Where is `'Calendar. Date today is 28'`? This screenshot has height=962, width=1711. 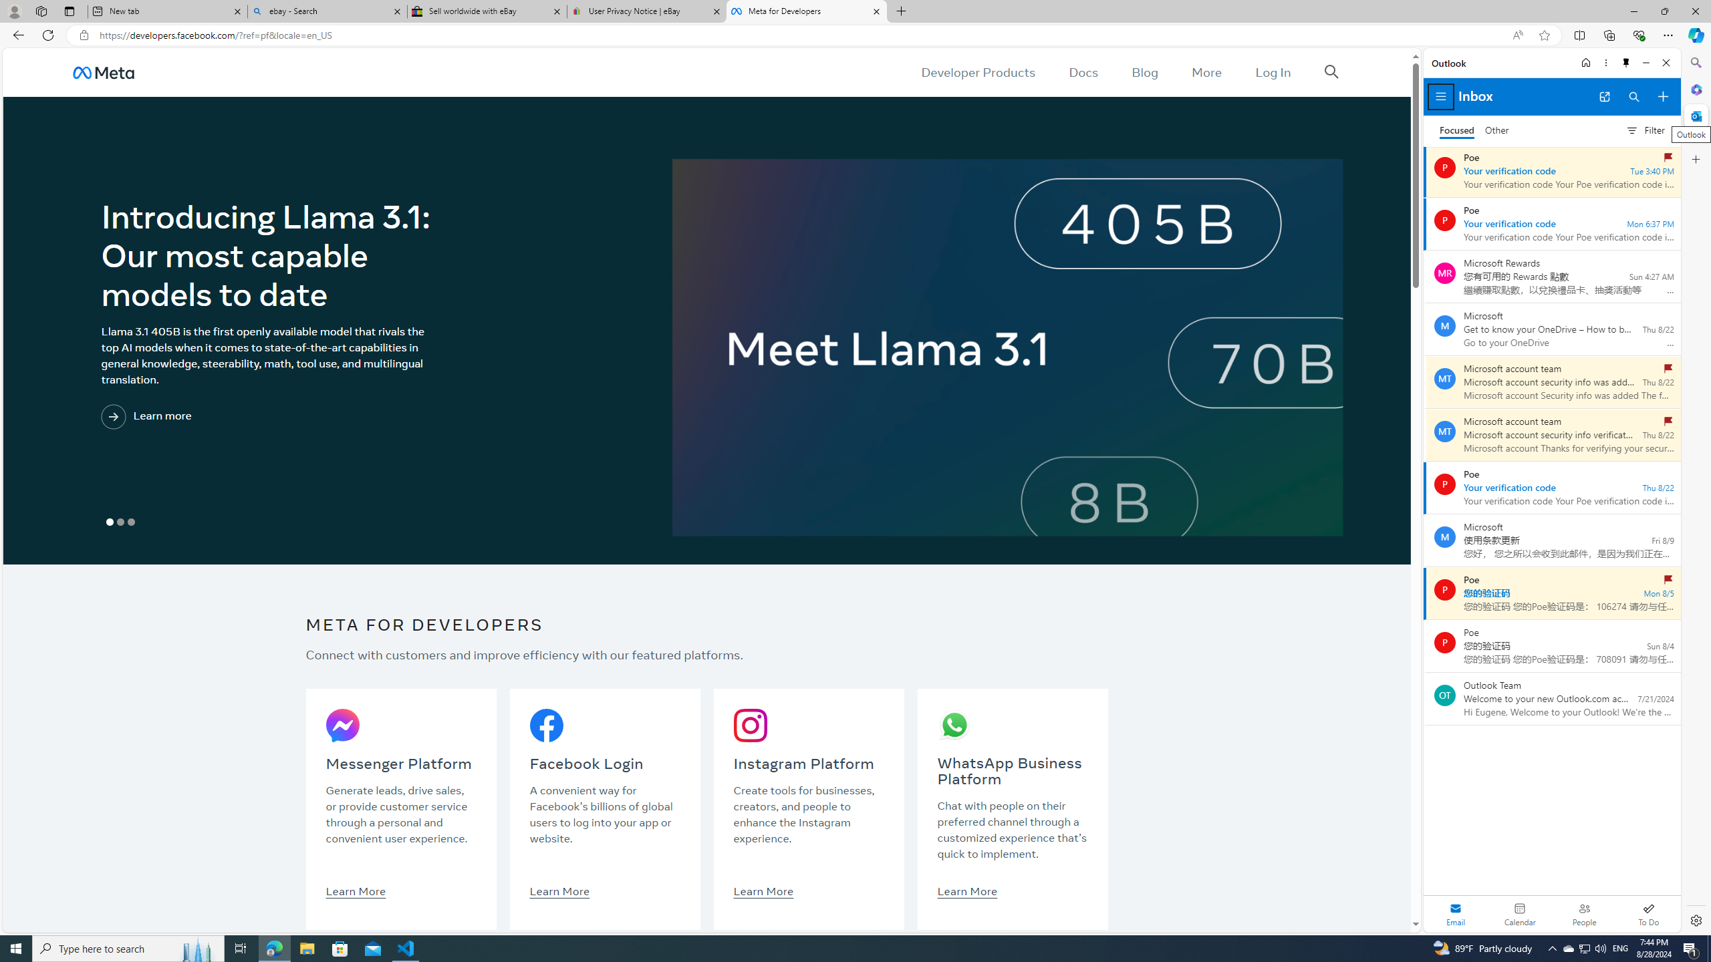
'Calendar. Date today is 28' is located at coordinates (1520, 913).